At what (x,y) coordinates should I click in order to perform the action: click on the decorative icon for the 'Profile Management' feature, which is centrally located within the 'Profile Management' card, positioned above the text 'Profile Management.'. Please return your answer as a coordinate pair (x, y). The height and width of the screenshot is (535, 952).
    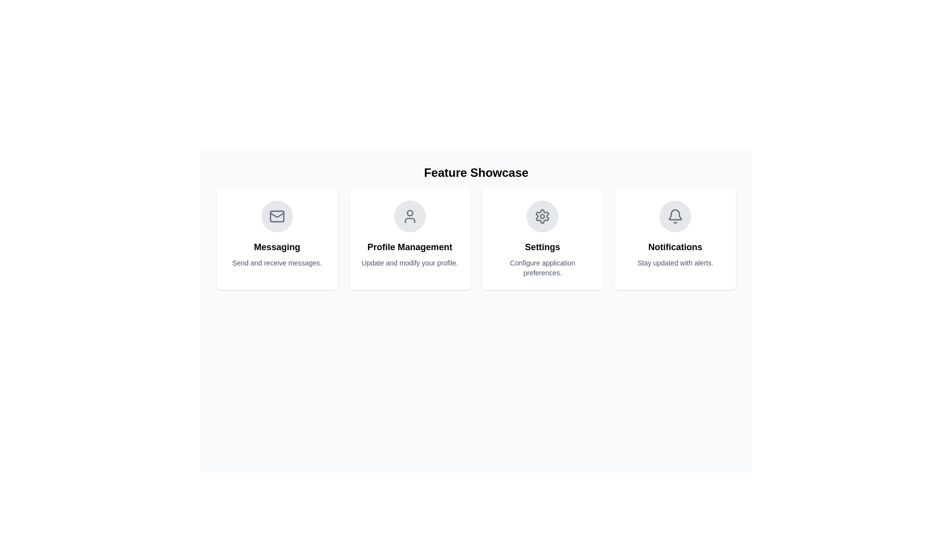
    Looking at the image, I should click on (410, 215).